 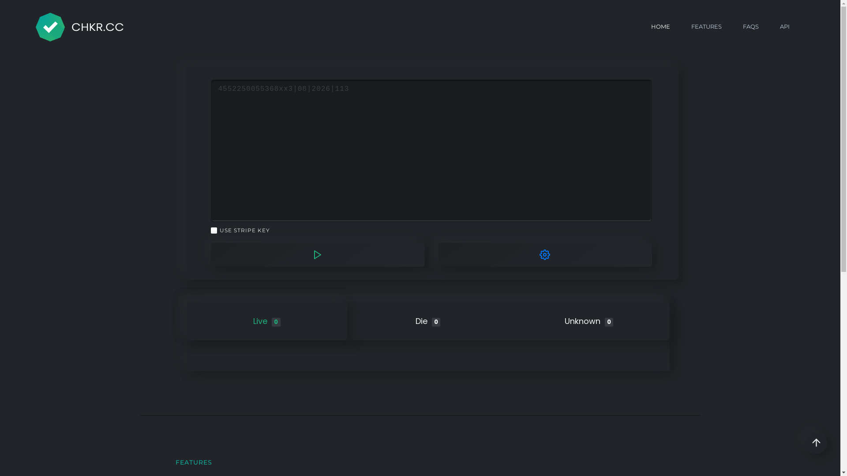 What do you see at coordinates (706, 26) in the screenshot?
I see `'FEATURES'` at bounding box center [706, 26].